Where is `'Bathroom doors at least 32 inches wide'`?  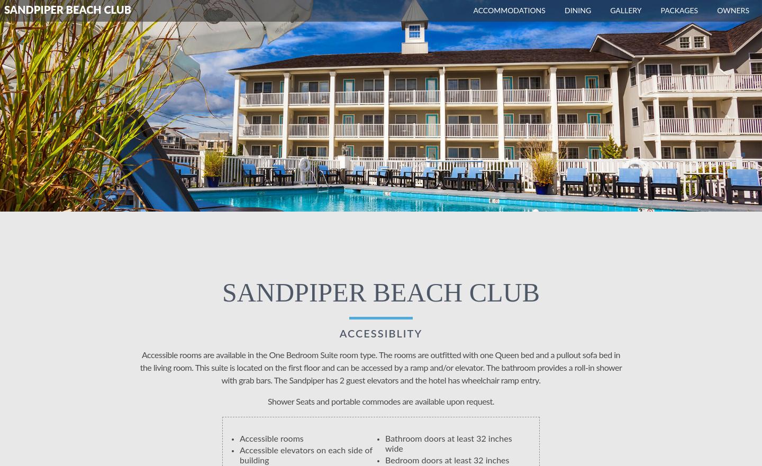
'Bathroom doors at least 32 inches wide' is located at coordinates (448, 443).